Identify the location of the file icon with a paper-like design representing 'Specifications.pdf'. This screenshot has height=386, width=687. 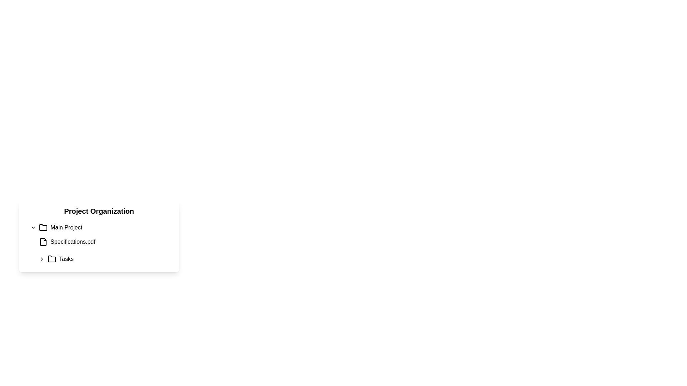
(43, 242).